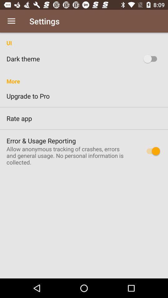 The image size is (168, 298). What do you see at coordinates (151, 59) in the screenshot?
I see `switch dark theme` at bounding box center [151, 59].